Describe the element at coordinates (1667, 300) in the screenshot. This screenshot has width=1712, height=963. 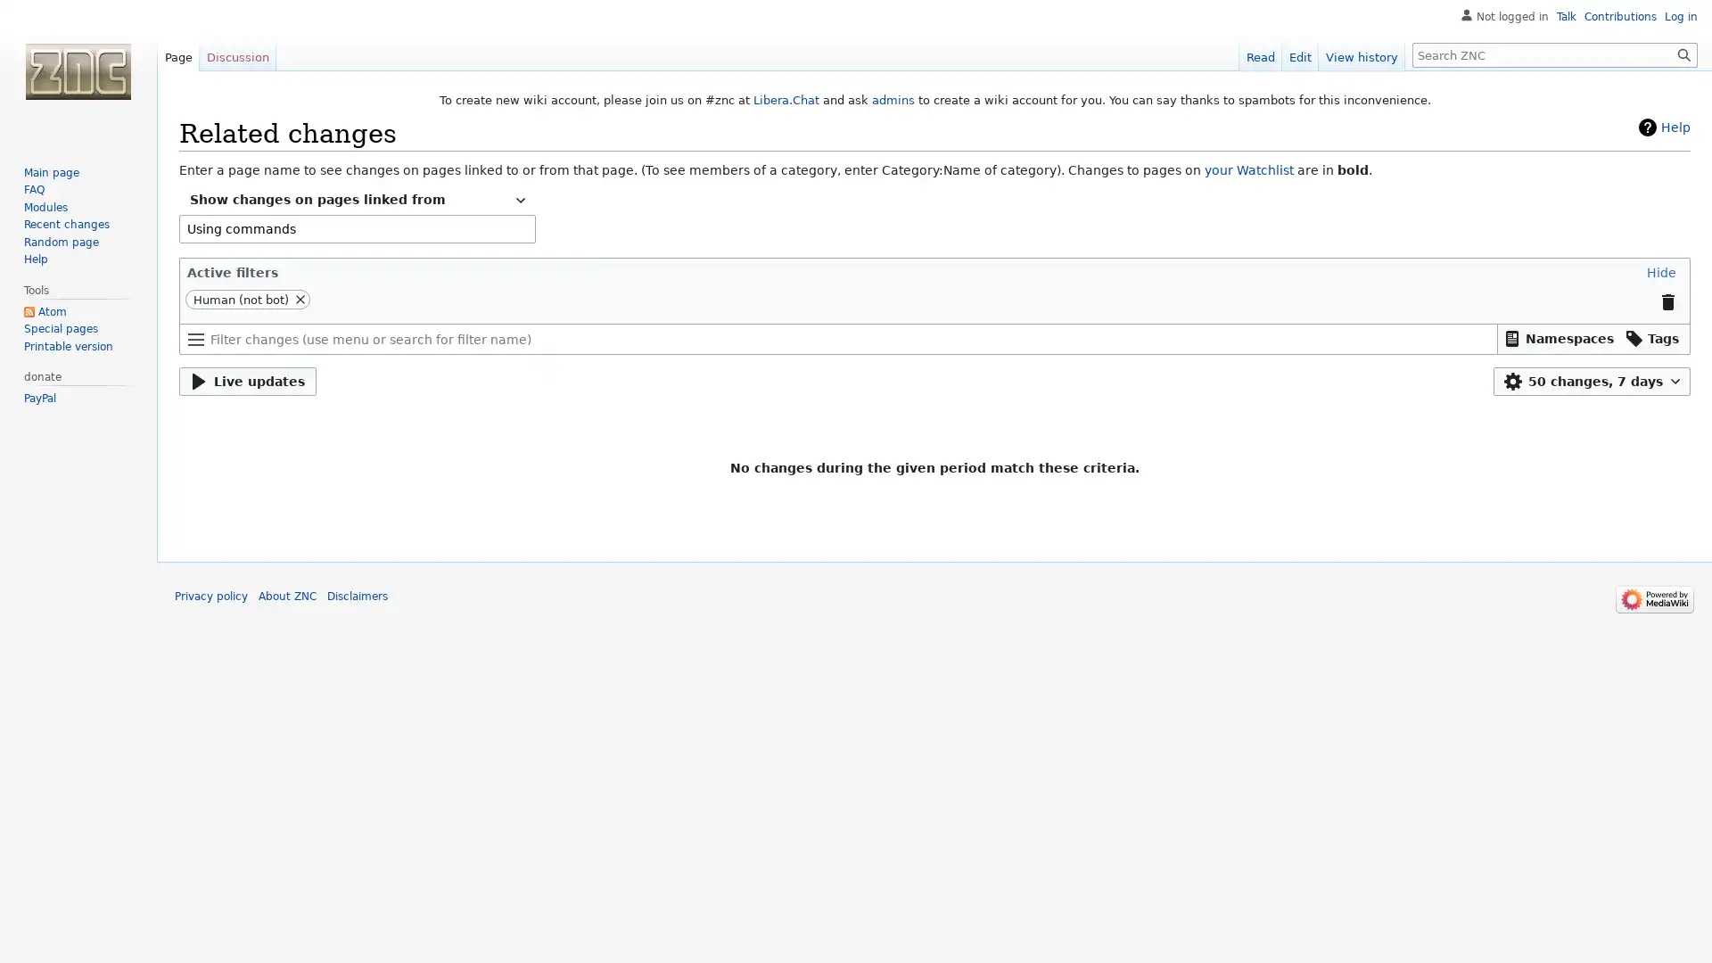
I see `Clear all filters` at that location.